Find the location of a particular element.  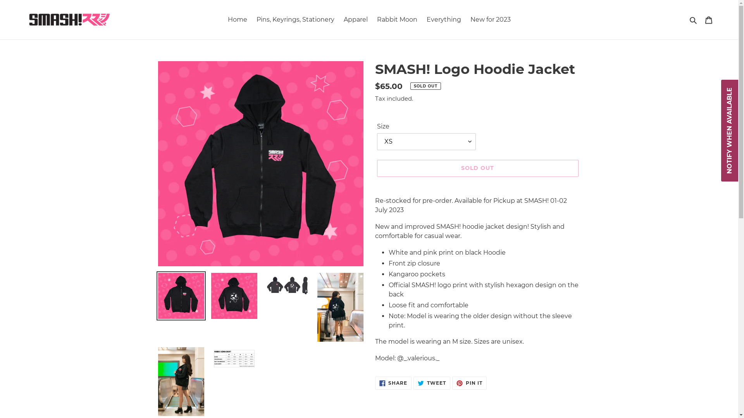

'Cart' is located at coordinates (701, 19).